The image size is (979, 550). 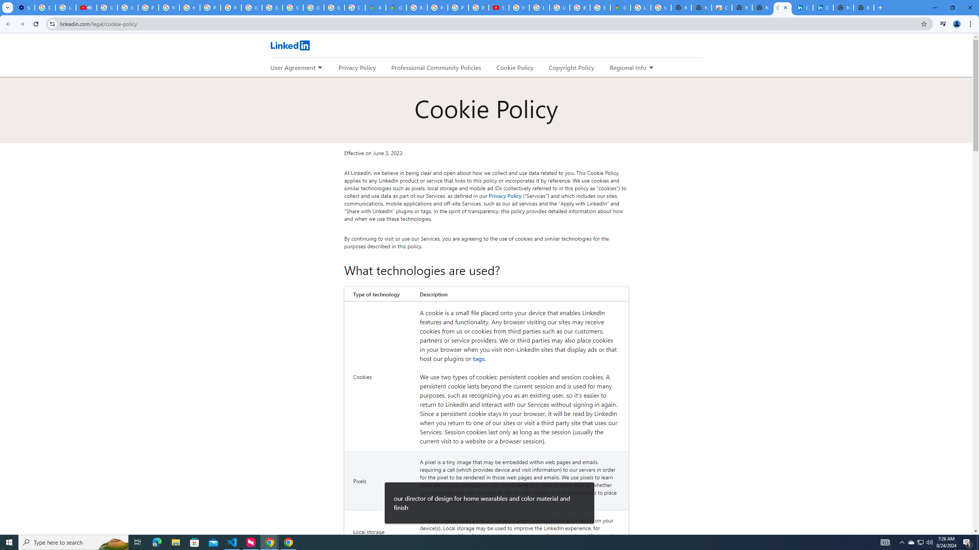 I want to click on 'Subscriptions - YouTube', so click(x=499, y=7).